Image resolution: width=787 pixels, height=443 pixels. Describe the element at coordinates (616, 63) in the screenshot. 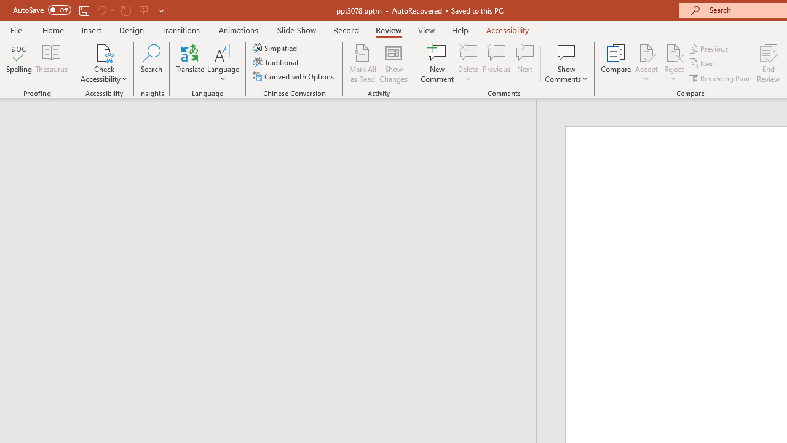

I see `'Compare'` at that location.